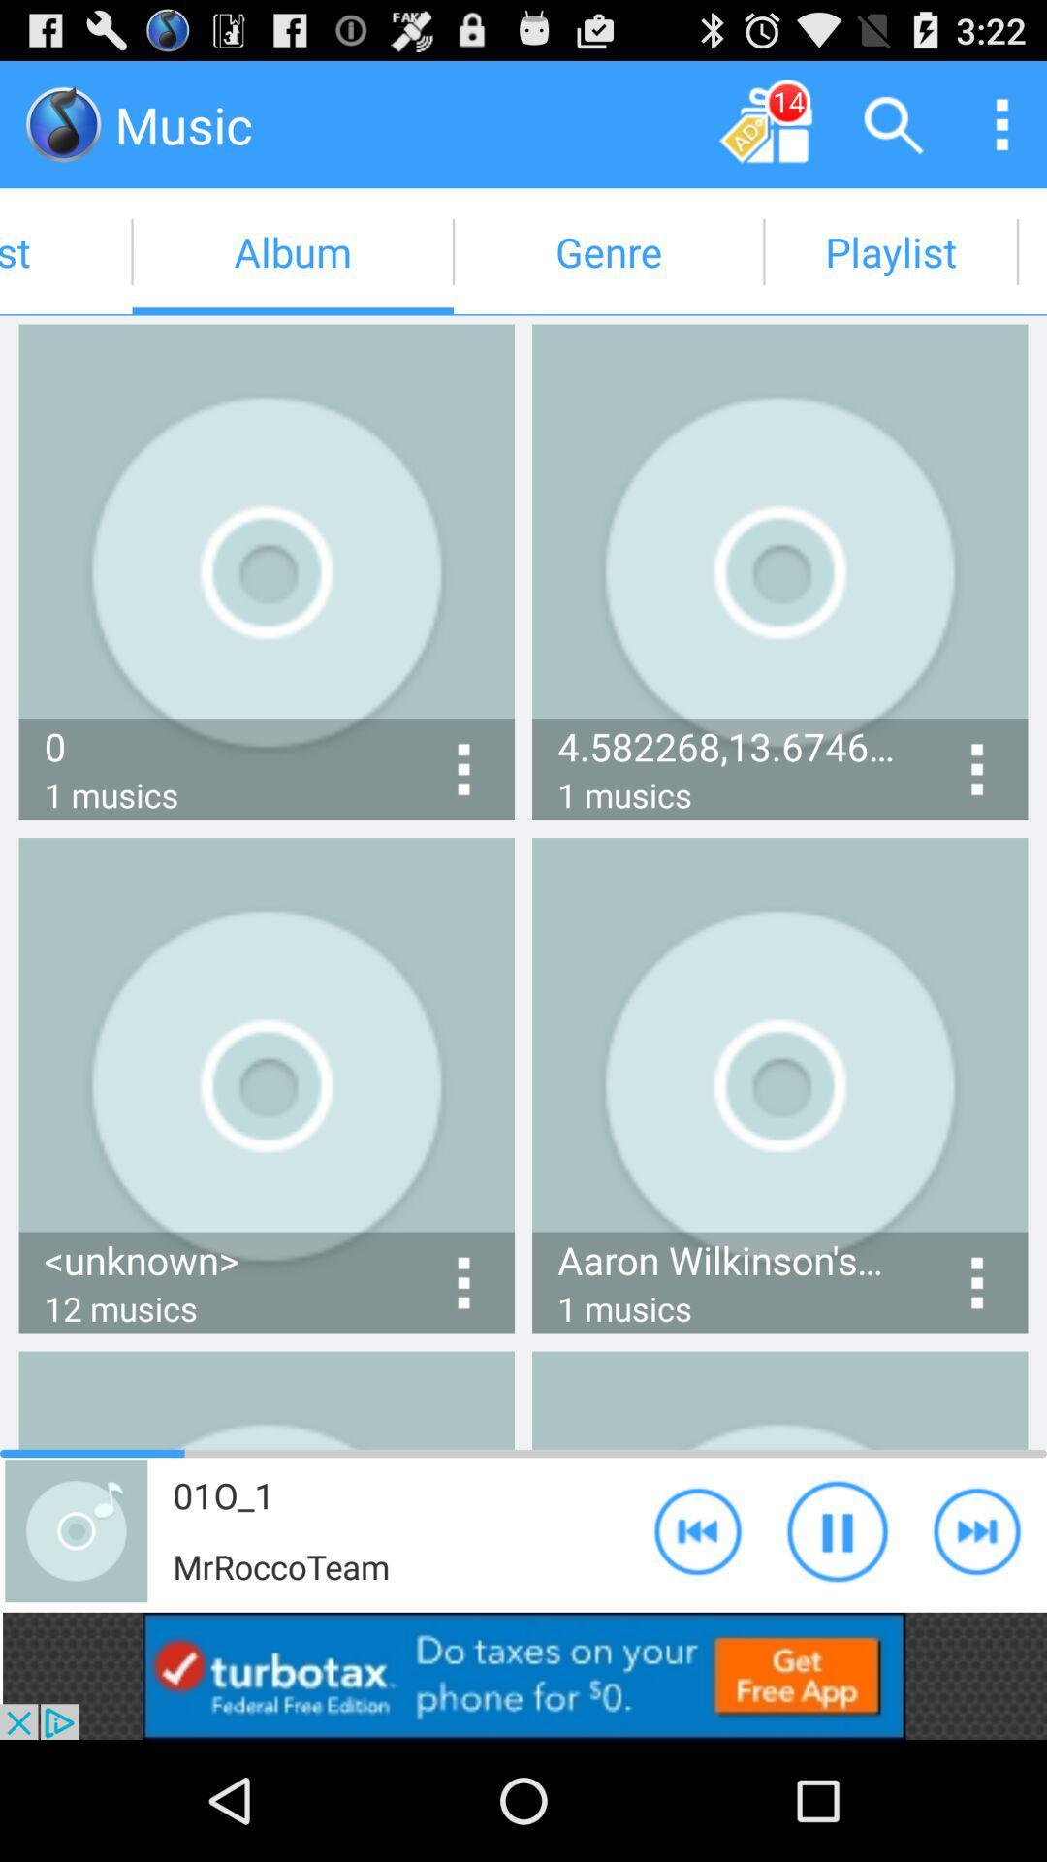  I want to click on open main manu, so click(1001, 123).